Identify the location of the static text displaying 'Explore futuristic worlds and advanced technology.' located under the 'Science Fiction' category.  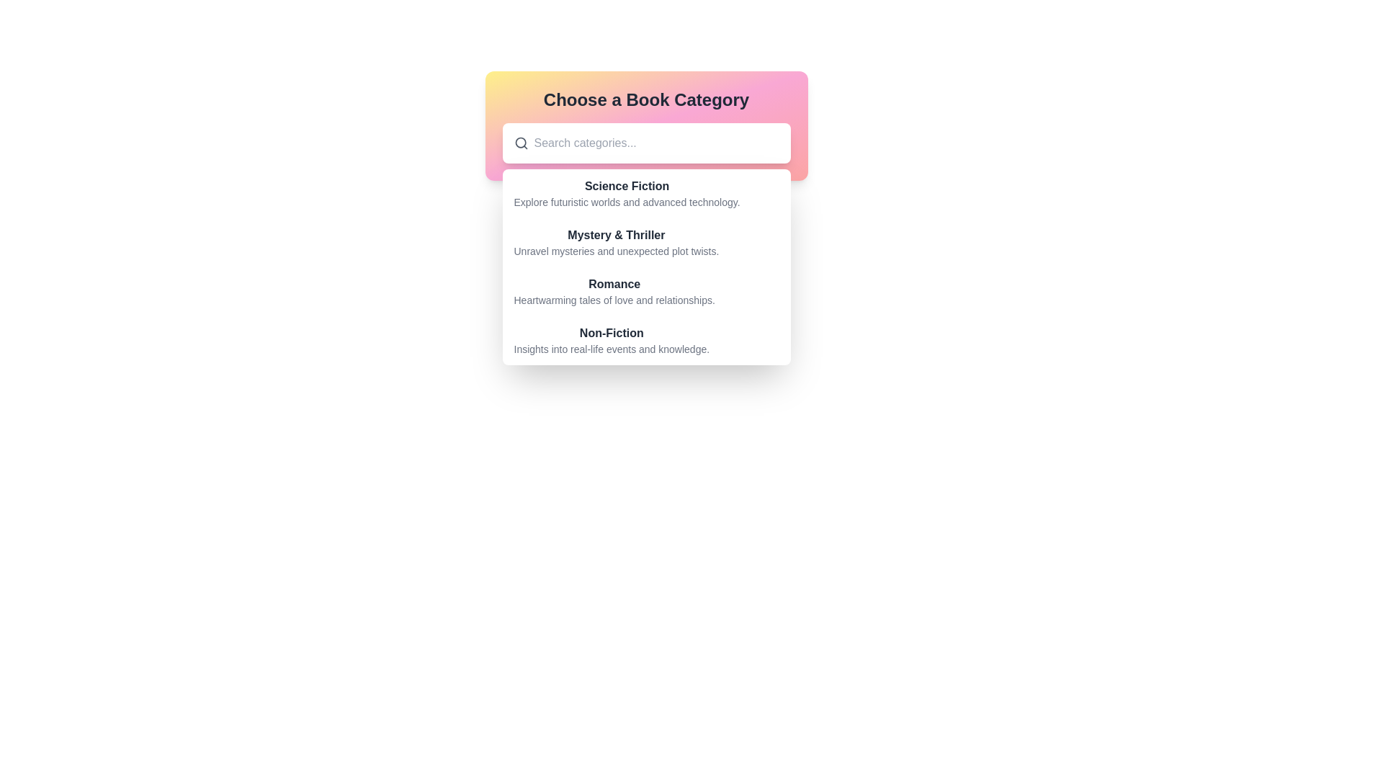
(627, 202).